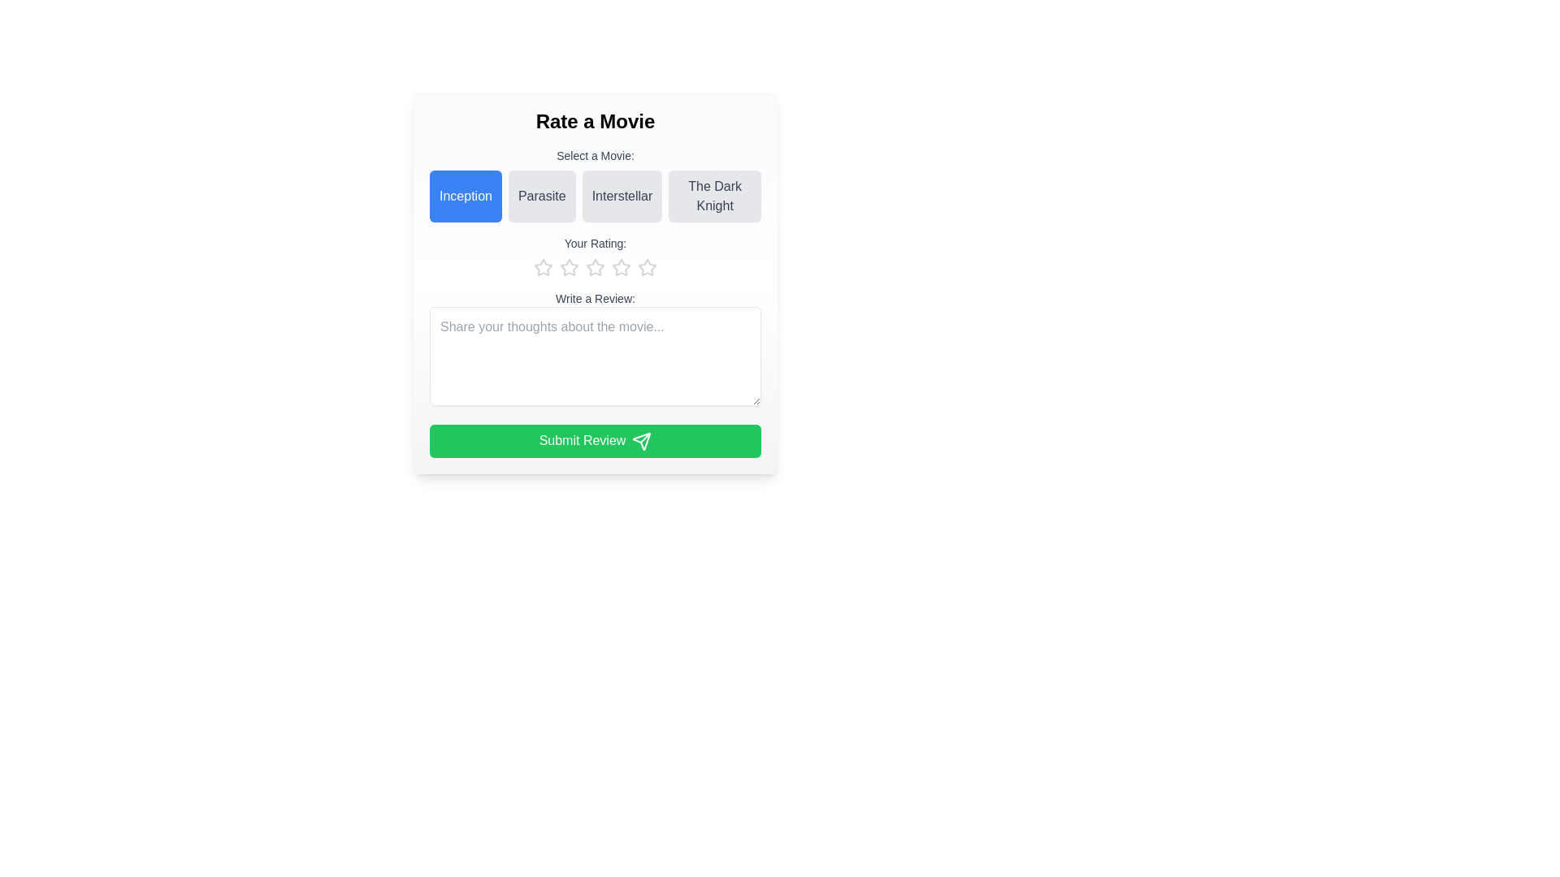 The width and height of the screenshot is (1560, 877). I want to click on the text label that prompts users to select a movie, which is positioned at the top of the movie-selection buttons, so click(595, 156).